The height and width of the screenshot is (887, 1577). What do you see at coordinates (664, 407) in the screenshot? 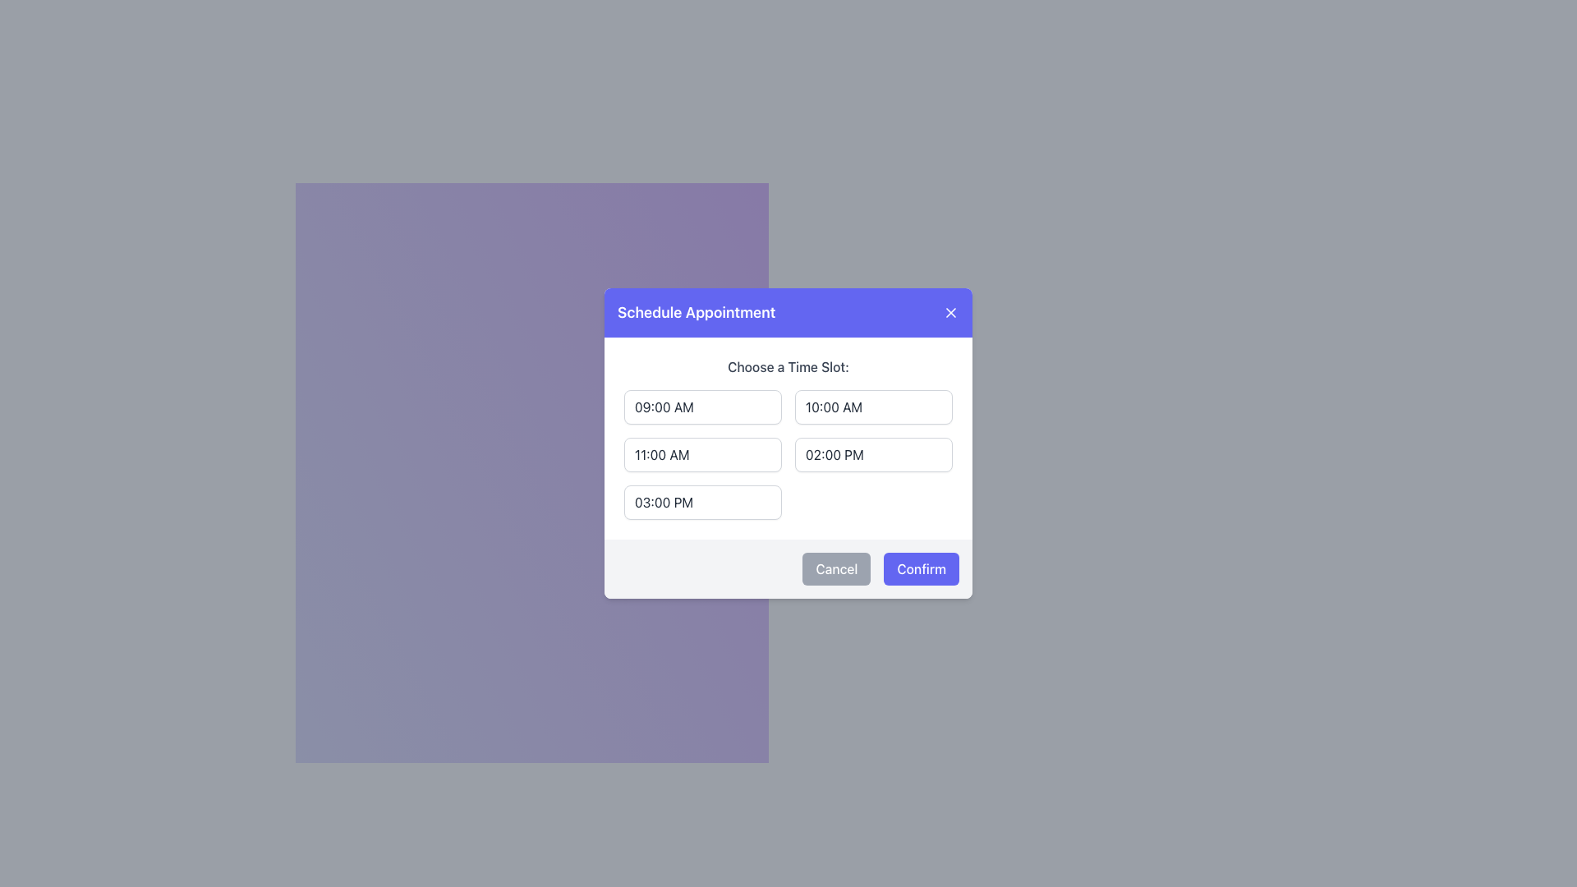
I see `the '09:00 AM' selectable button in the 'Schedule Appointment' modal` at bounding box center [664, 407].